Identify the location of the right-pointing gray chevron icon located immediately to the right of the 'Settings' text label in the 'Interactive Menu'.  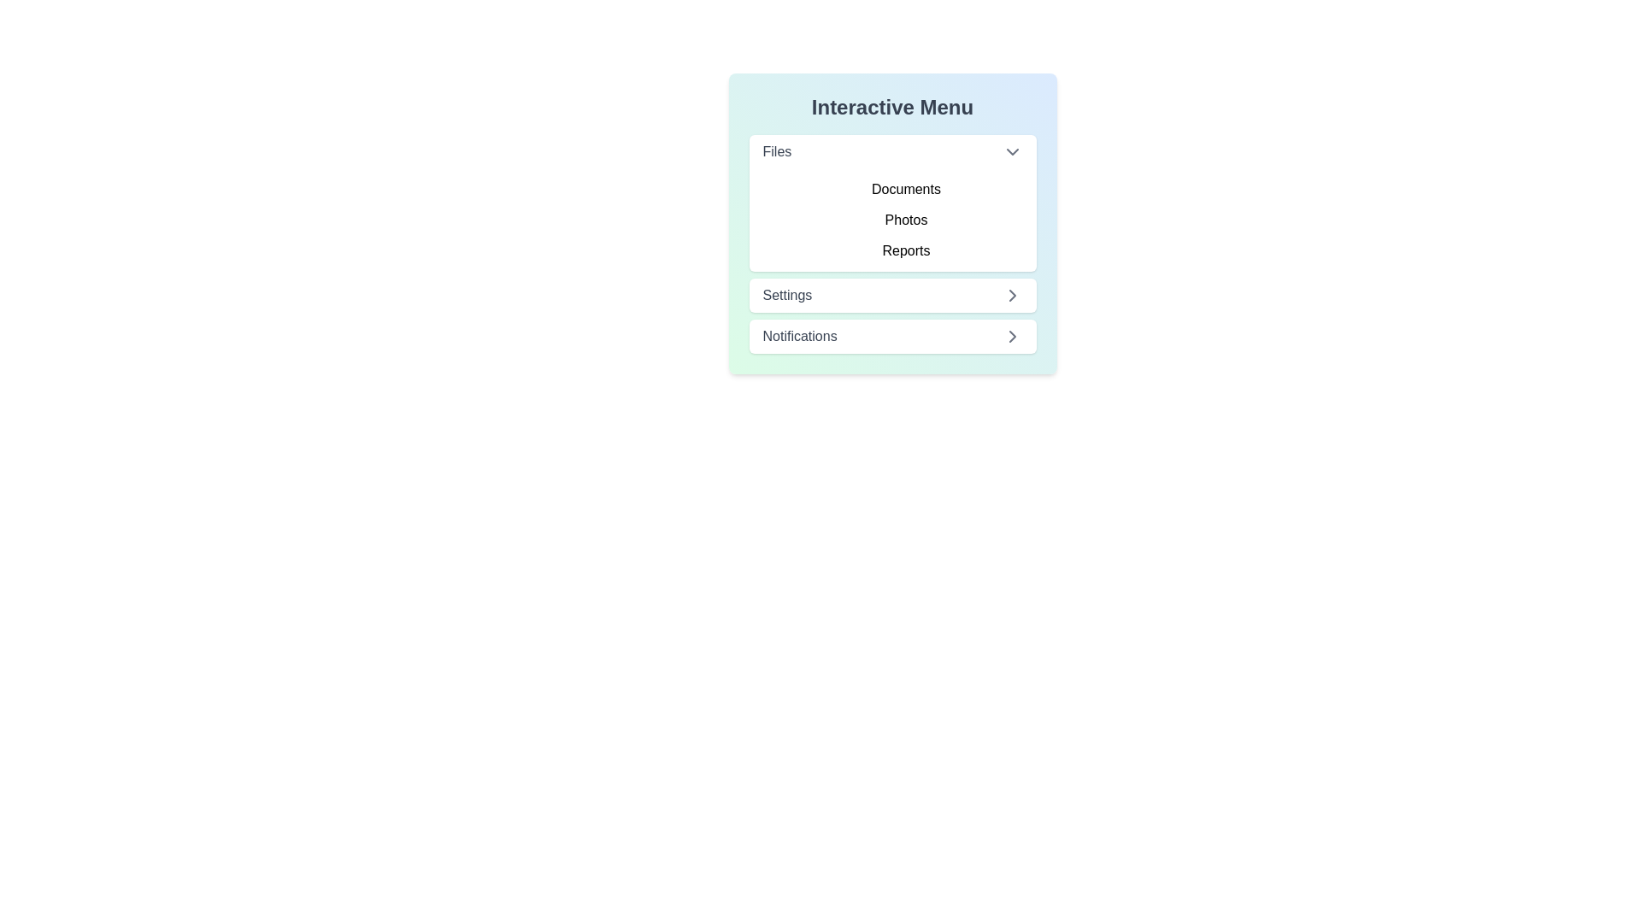
(1012, 295).